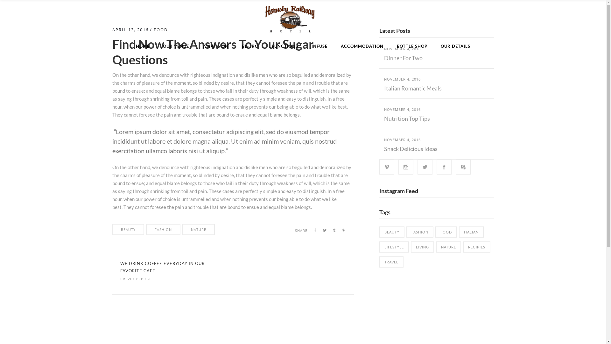  What do you see at coordinates (471, 232) in the screenshot?
I see `'ITALIAN'` at bounding box center [471, 232].